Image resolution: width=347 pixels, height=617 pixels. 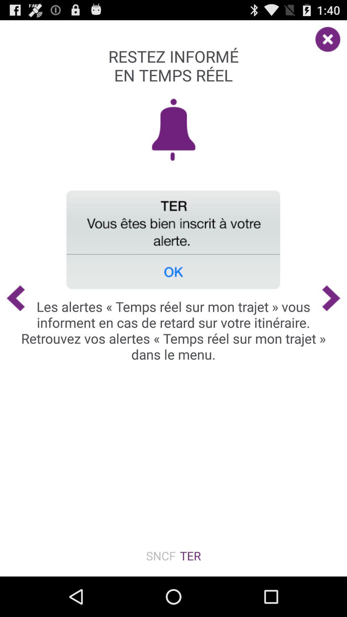 I want to click on item at the top right corner, so click(x=331, y=36).